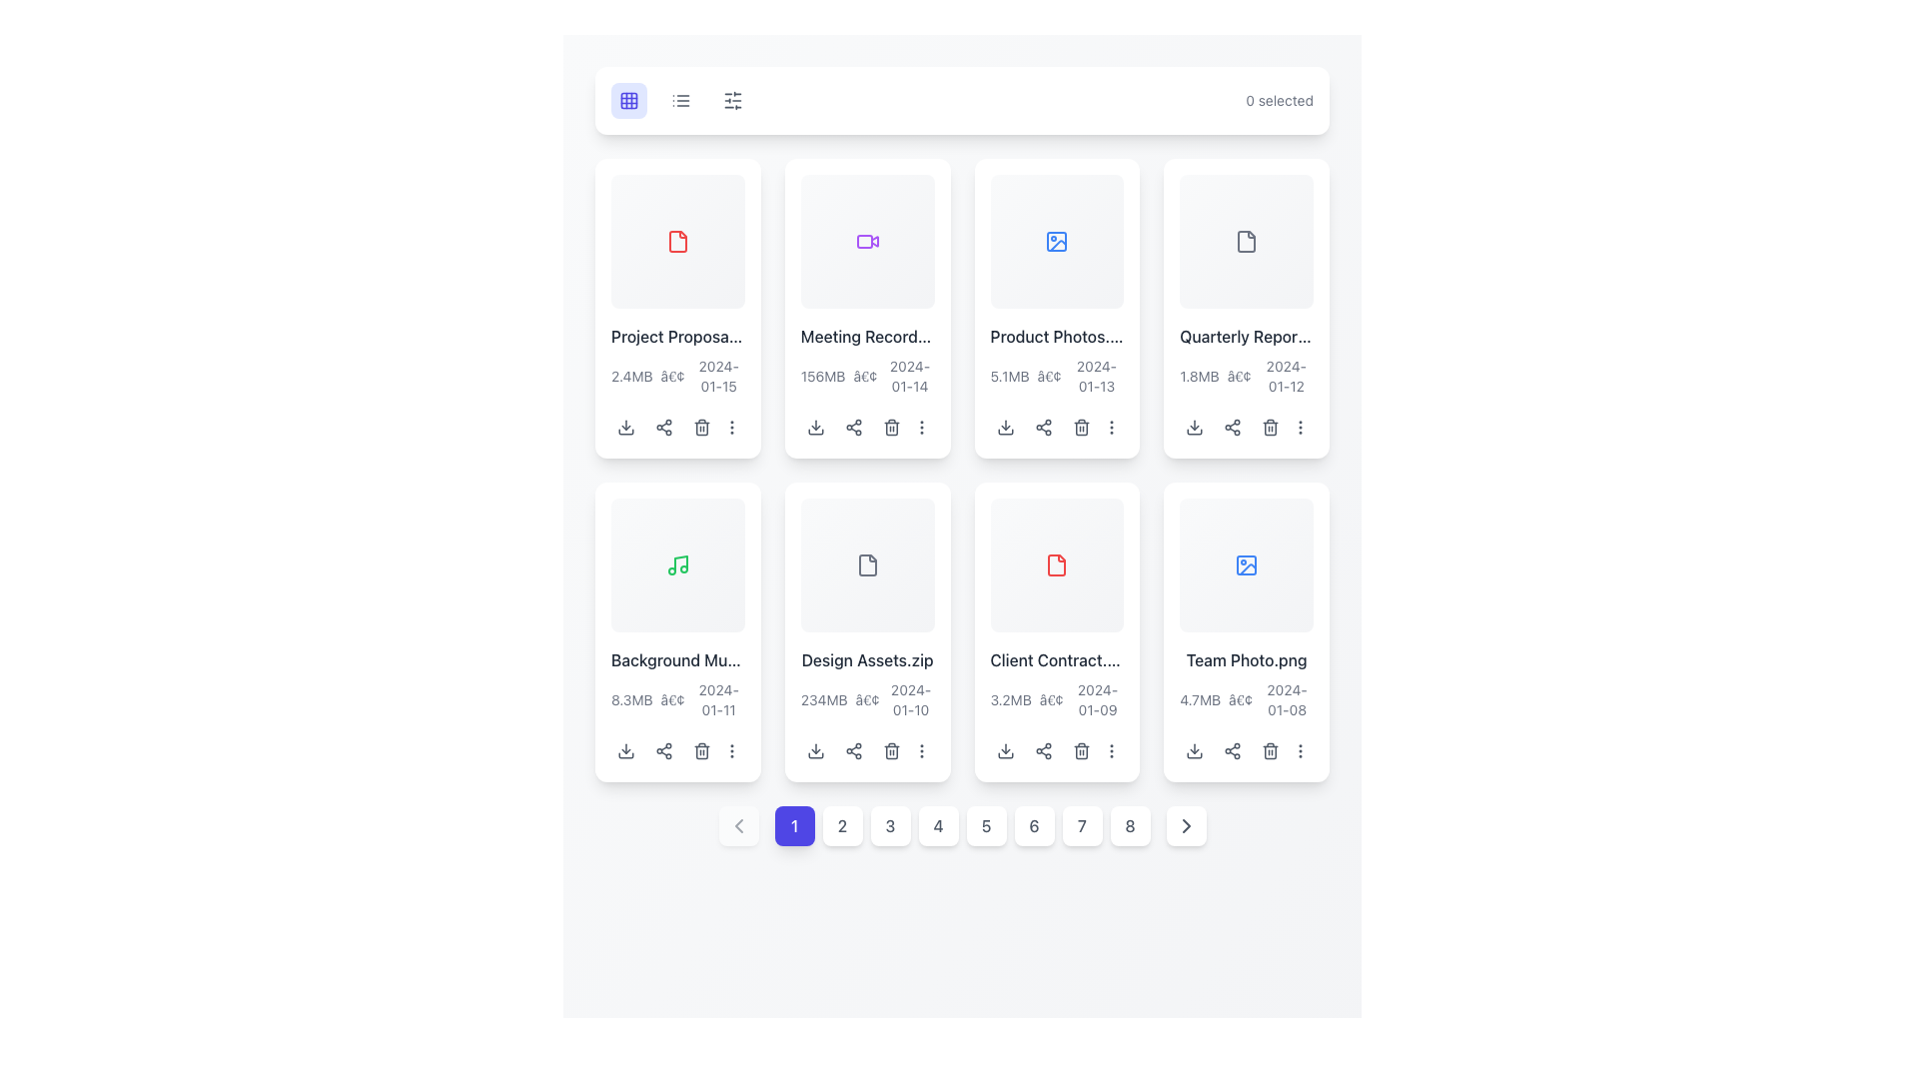  I want to click on the small bullet character ('•') in the sequence '5.1MB • 2024-01-13' located in the bottom section of the 'Product Photos' card within the third column of the first row, so click(1048, 376).